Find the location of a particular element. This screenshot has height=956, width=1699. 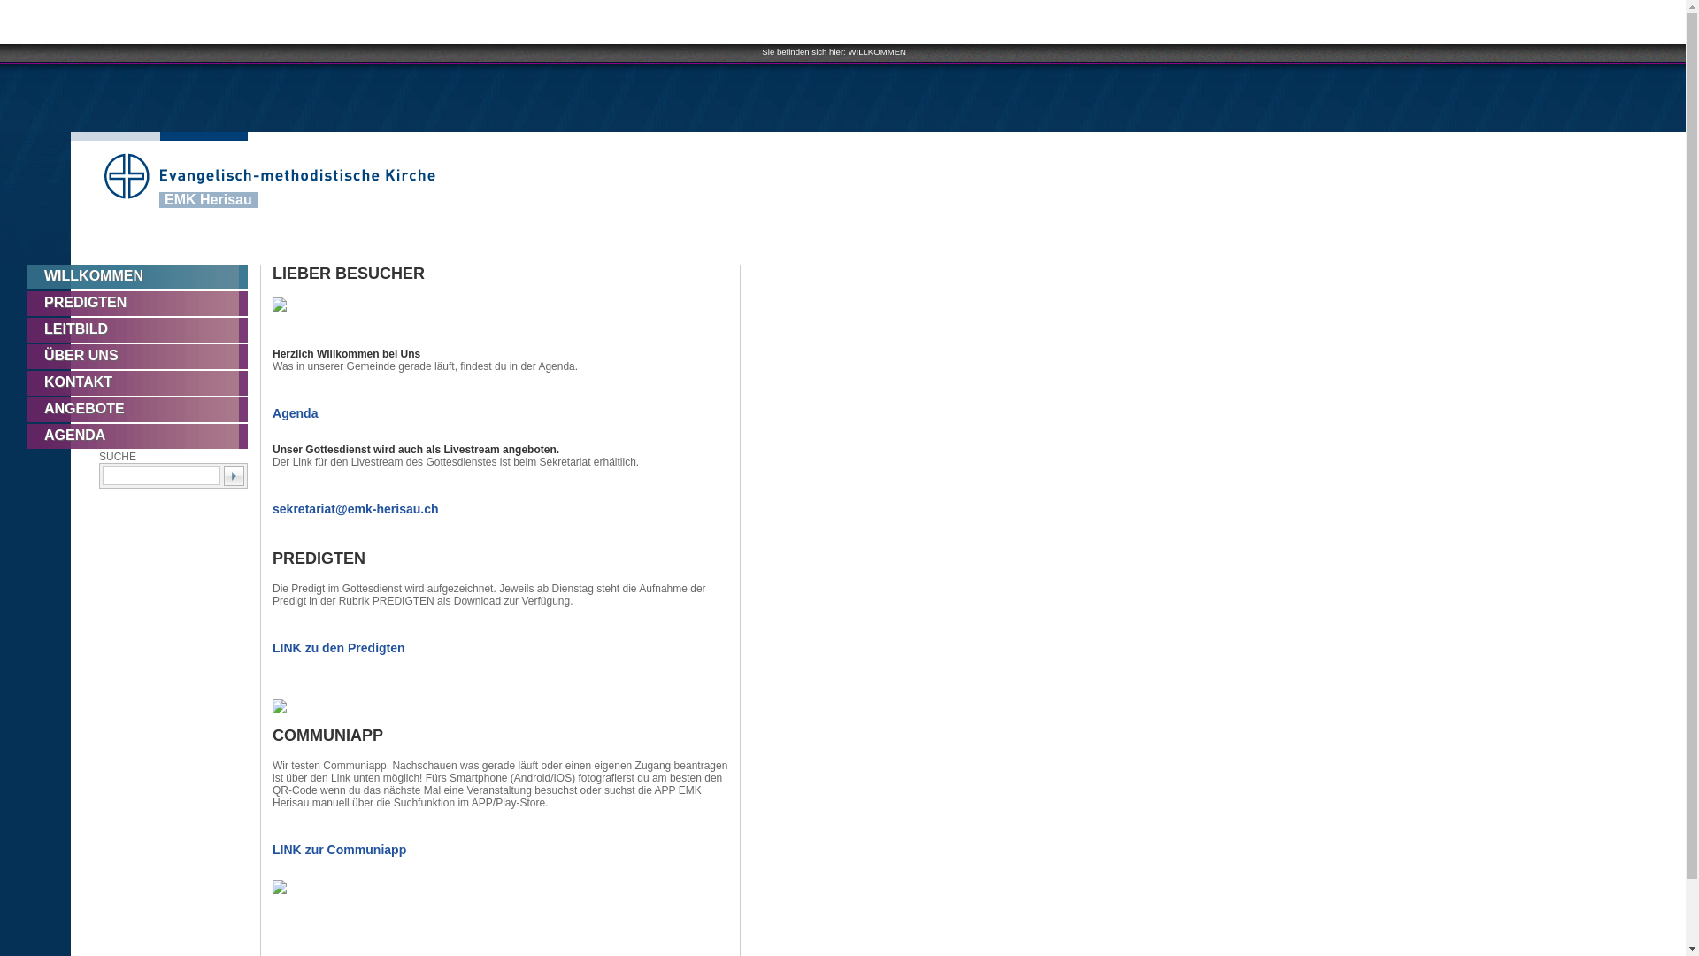

'PREDIGTEN' is located at coordinates (143, 303).